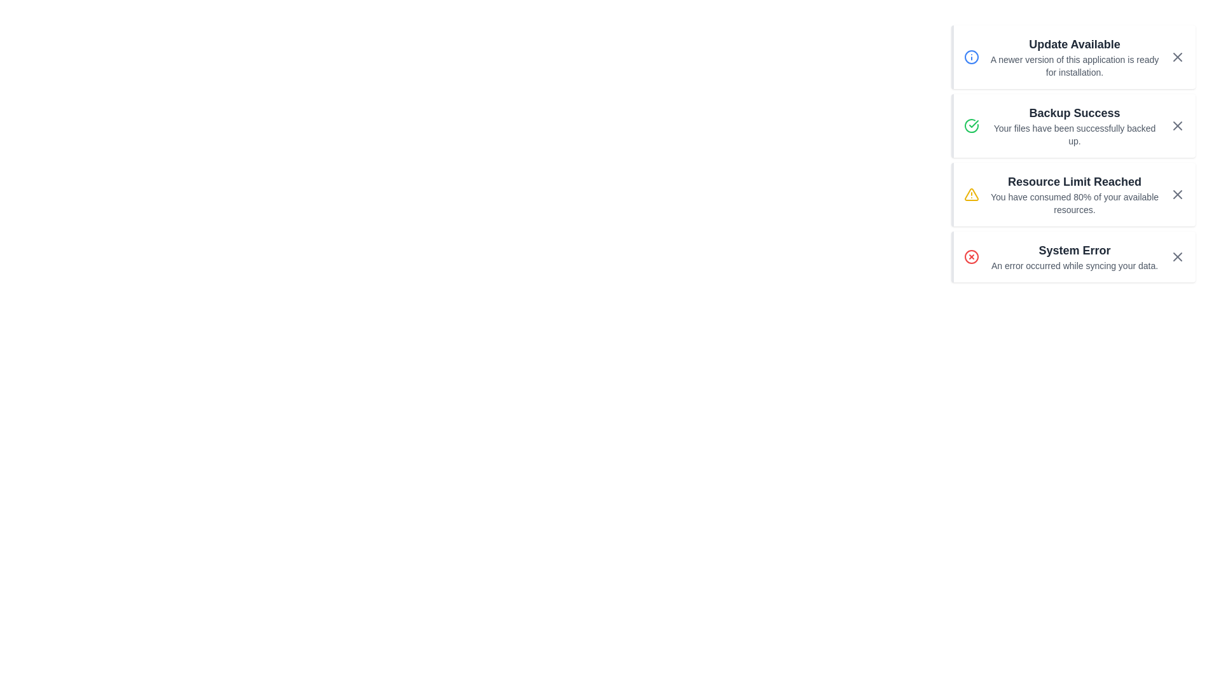 This screenshot has width=1221, height=687. I want to click on the notification message indicating an available update for the application, which is the first notification in the list on the right section of the interface, so click(1073, 56).